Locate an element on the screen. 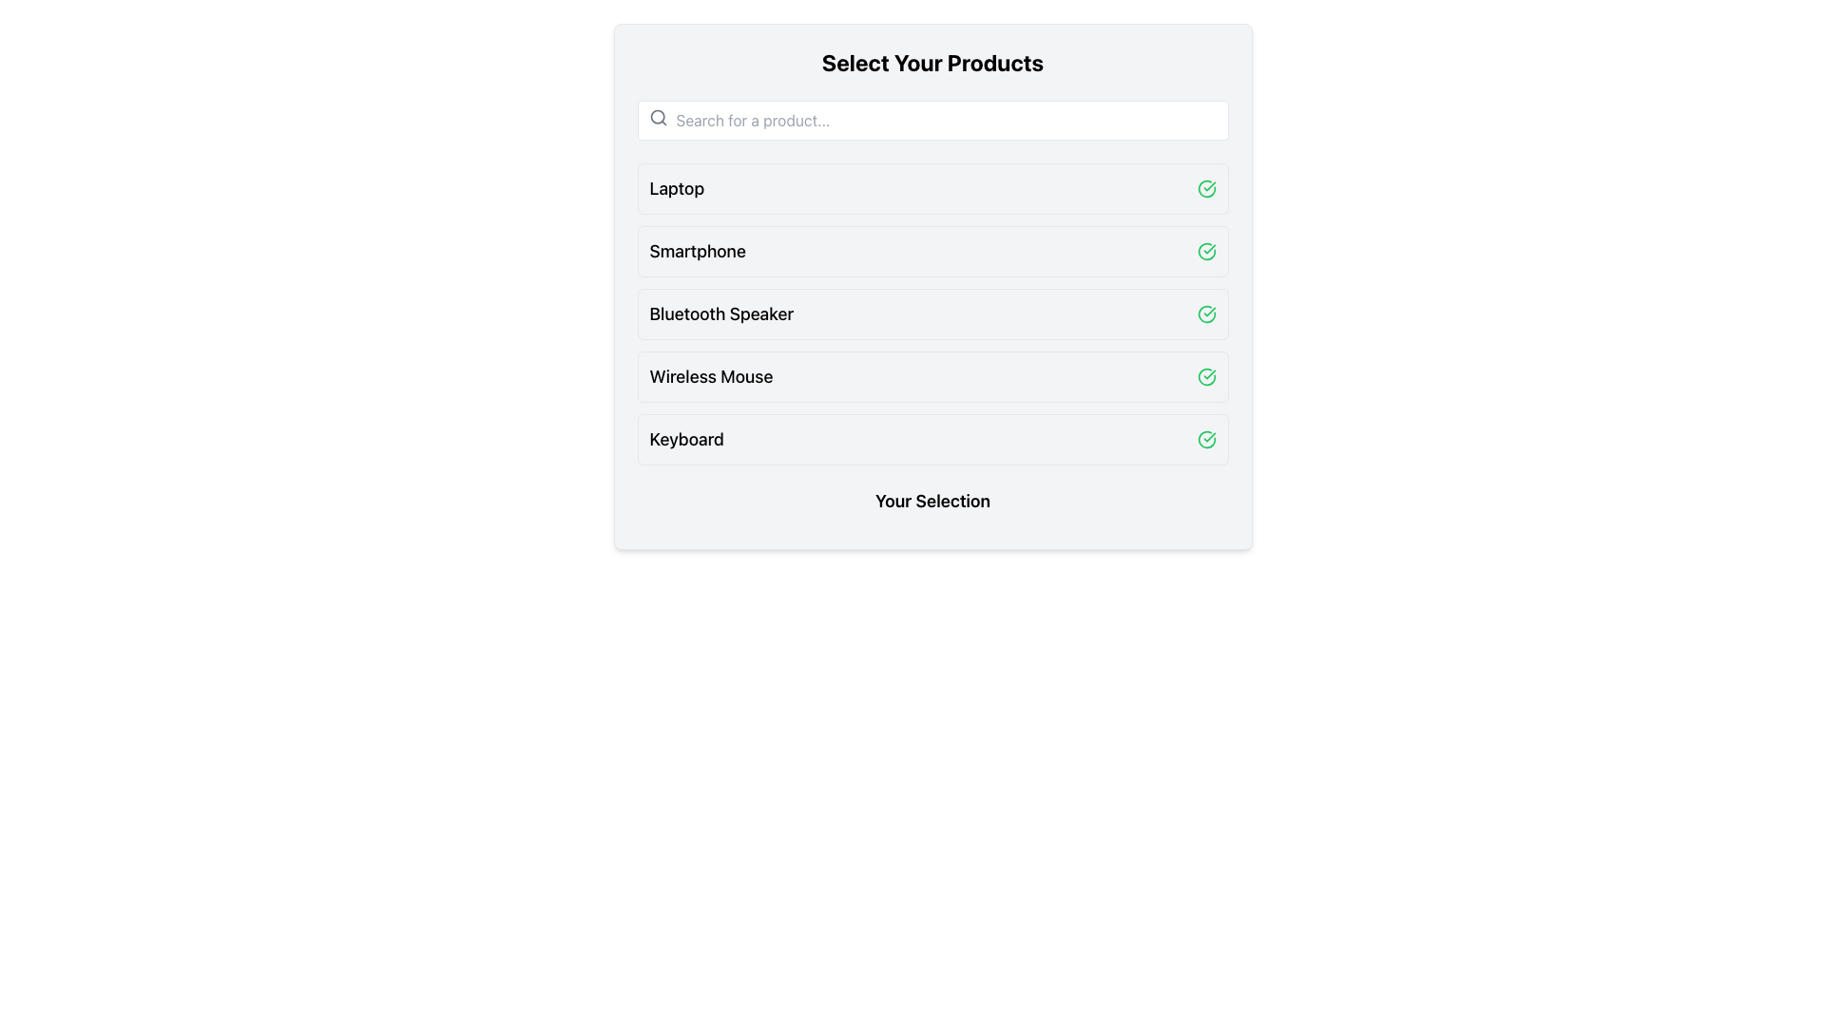 Image resolution: width=1825 pixels, height=1026 pixels. the circular selection indicator icon with a green border and check mark, located at the far right of the 'Smartphone' row is located at coordinates (1205, 251).